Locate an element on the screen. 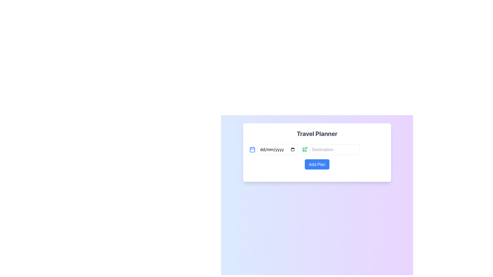 The width and height of the screenshot is (493, 277). the decorative graphical rectangle within the SVG calendar icon is located at coordinates (252, 150).